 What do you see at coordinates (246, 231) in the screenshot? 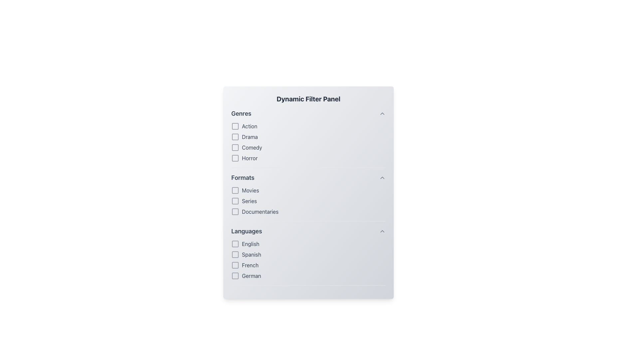
I see `the Text Label element that serves as a header for the selectable languages in the dynamic filter panel, positioned in the lower section below the 'Formats' filter` at bounding box center [246, 231].